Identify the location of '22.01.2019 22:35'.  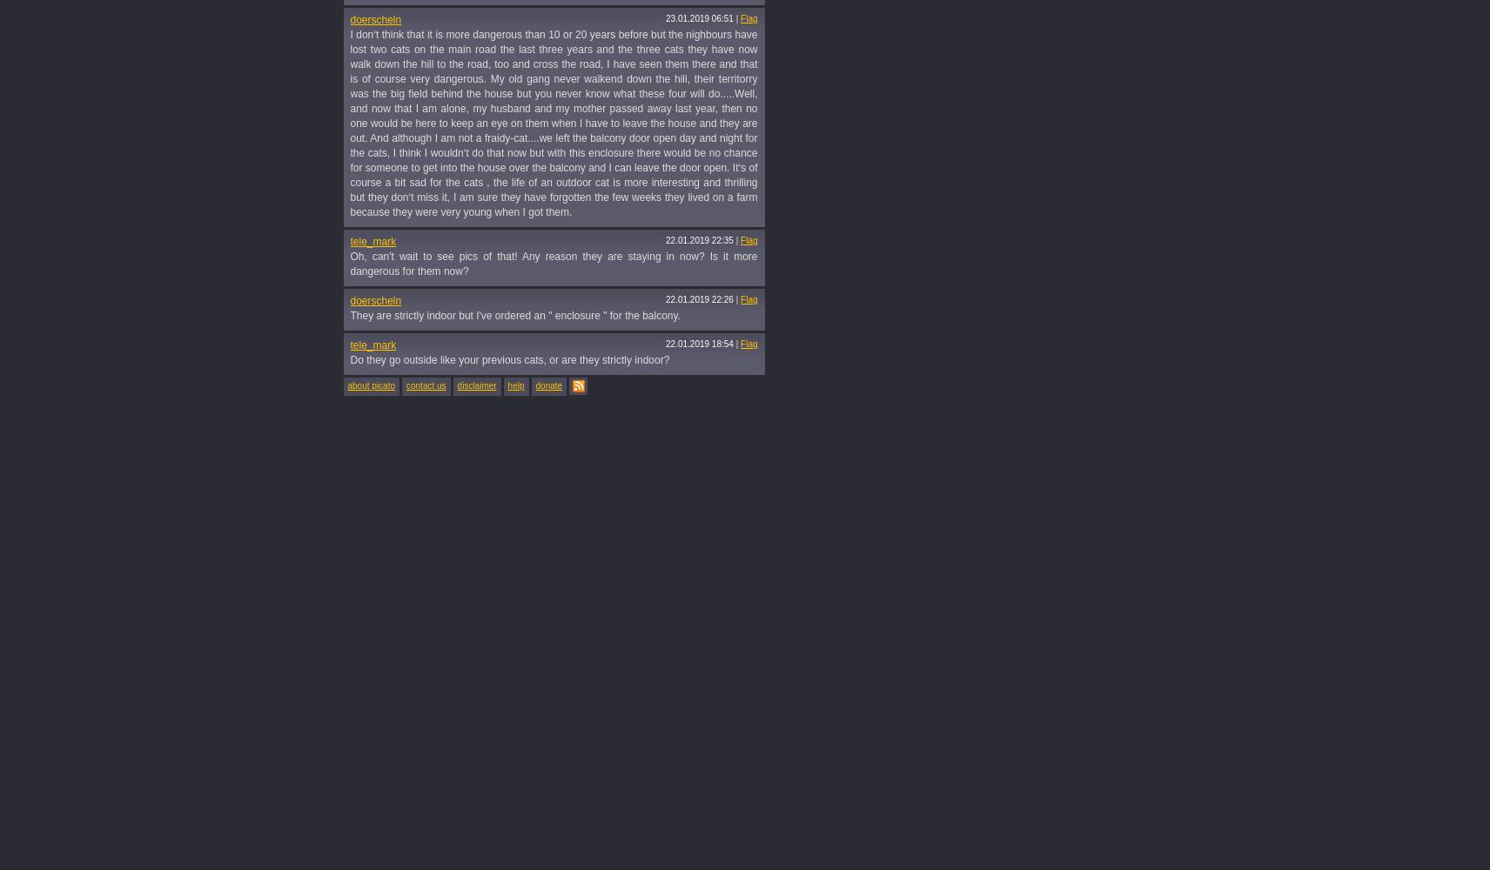
(699, 240).